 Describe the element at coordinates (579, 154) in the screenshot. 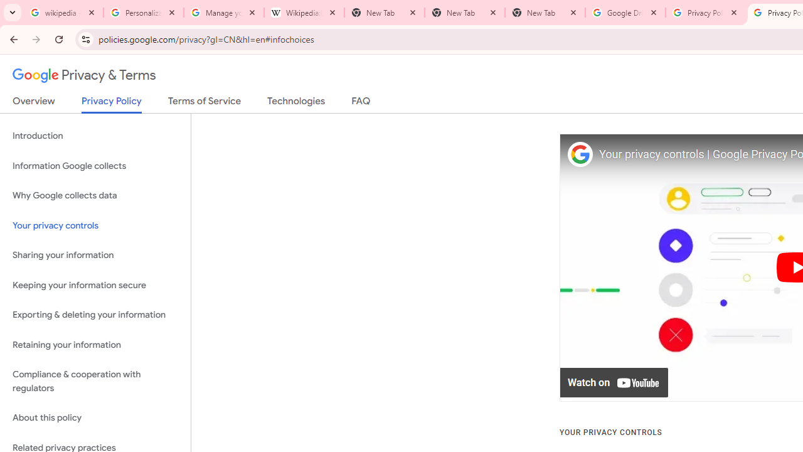

I see `'Photo image of Google'` at that location.